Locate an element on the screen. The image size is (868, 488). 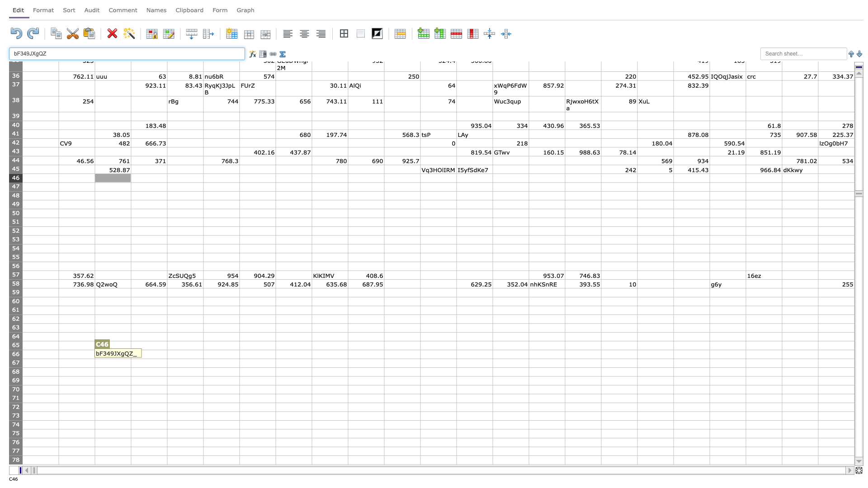
Bottom right corner of D-66 is located at coordinates (167, 358).